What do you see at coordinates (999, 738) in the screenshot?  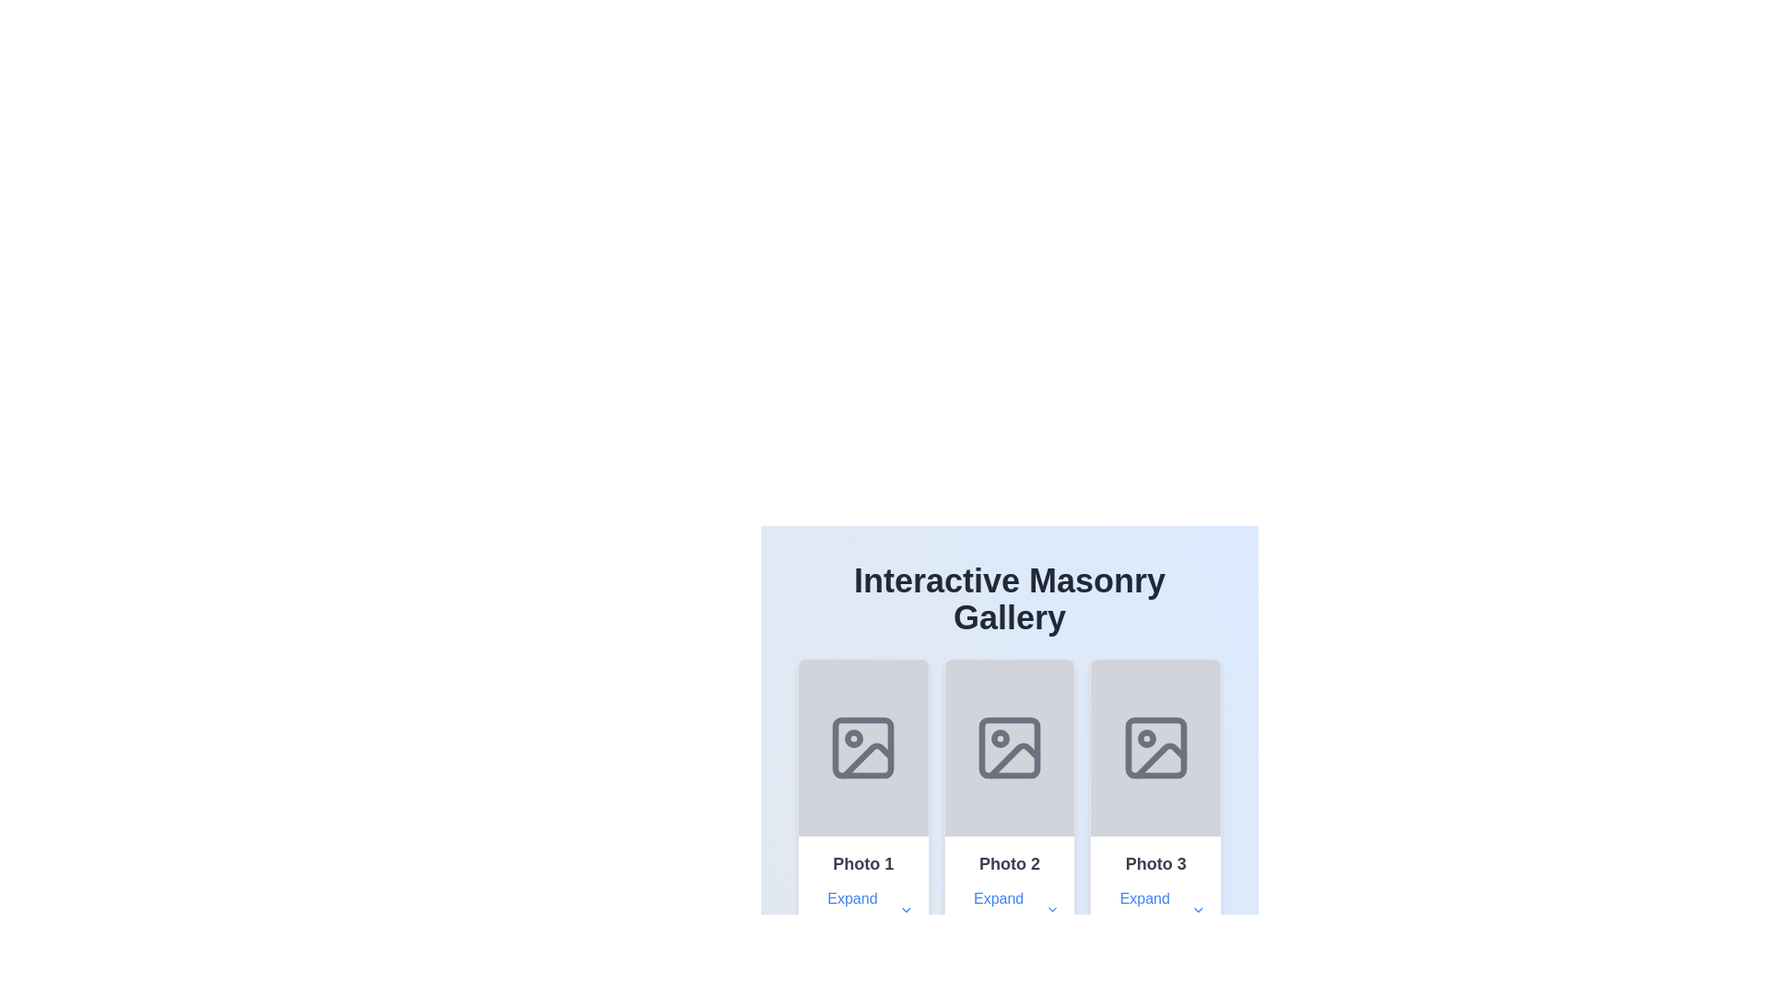 I see `the circular graphic detail within the image icon of the 'Photo 2' card` at bounding box center [999, 738].